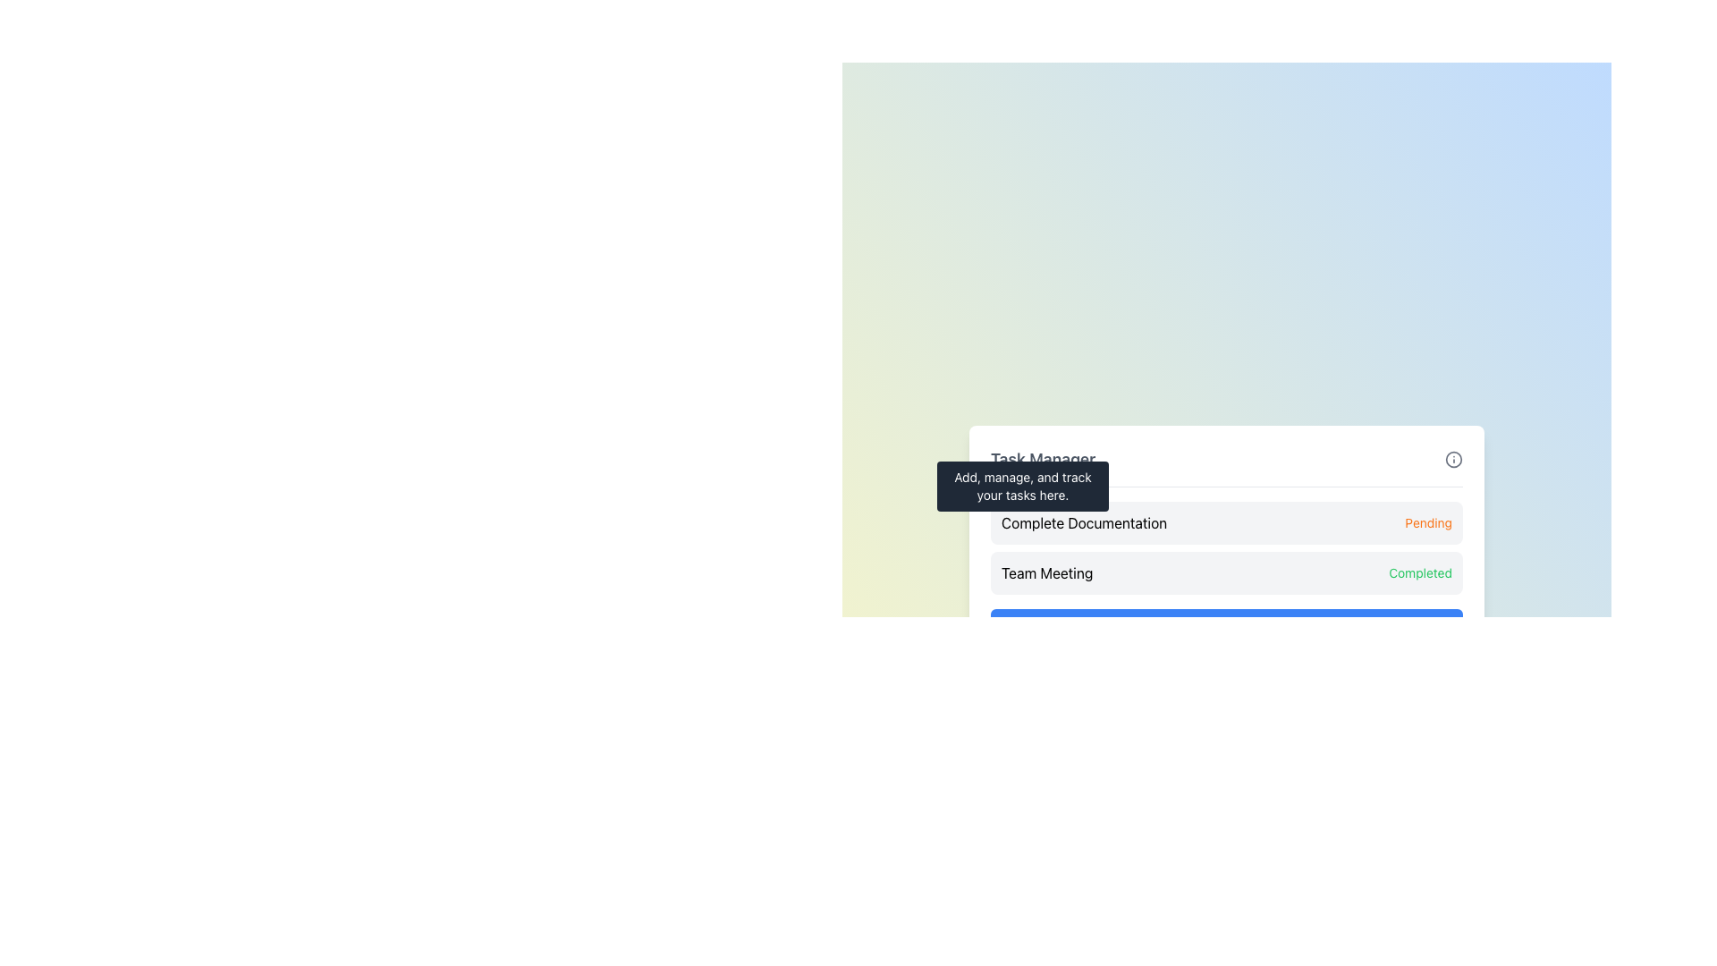 This screenshot has height=966, width=1717. What do you see at coordinates (1083, 522) in the screenshot?
I see `text of the Text Label indicating 'Complete Documentation', which is the first item in a two-column layout within a task tracking card` at bounding box center [1083, 522].